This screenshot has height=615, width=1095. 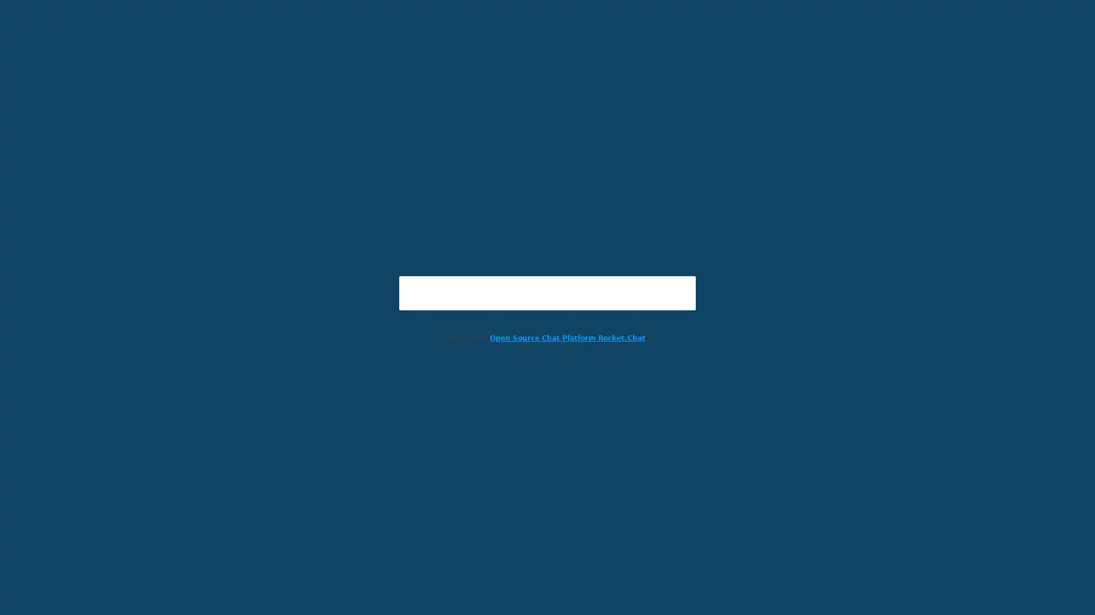 What do you see at coordinates (547, 355) in the screenshot?
I see `Forgot your password?` at bounding box center [547, 355].